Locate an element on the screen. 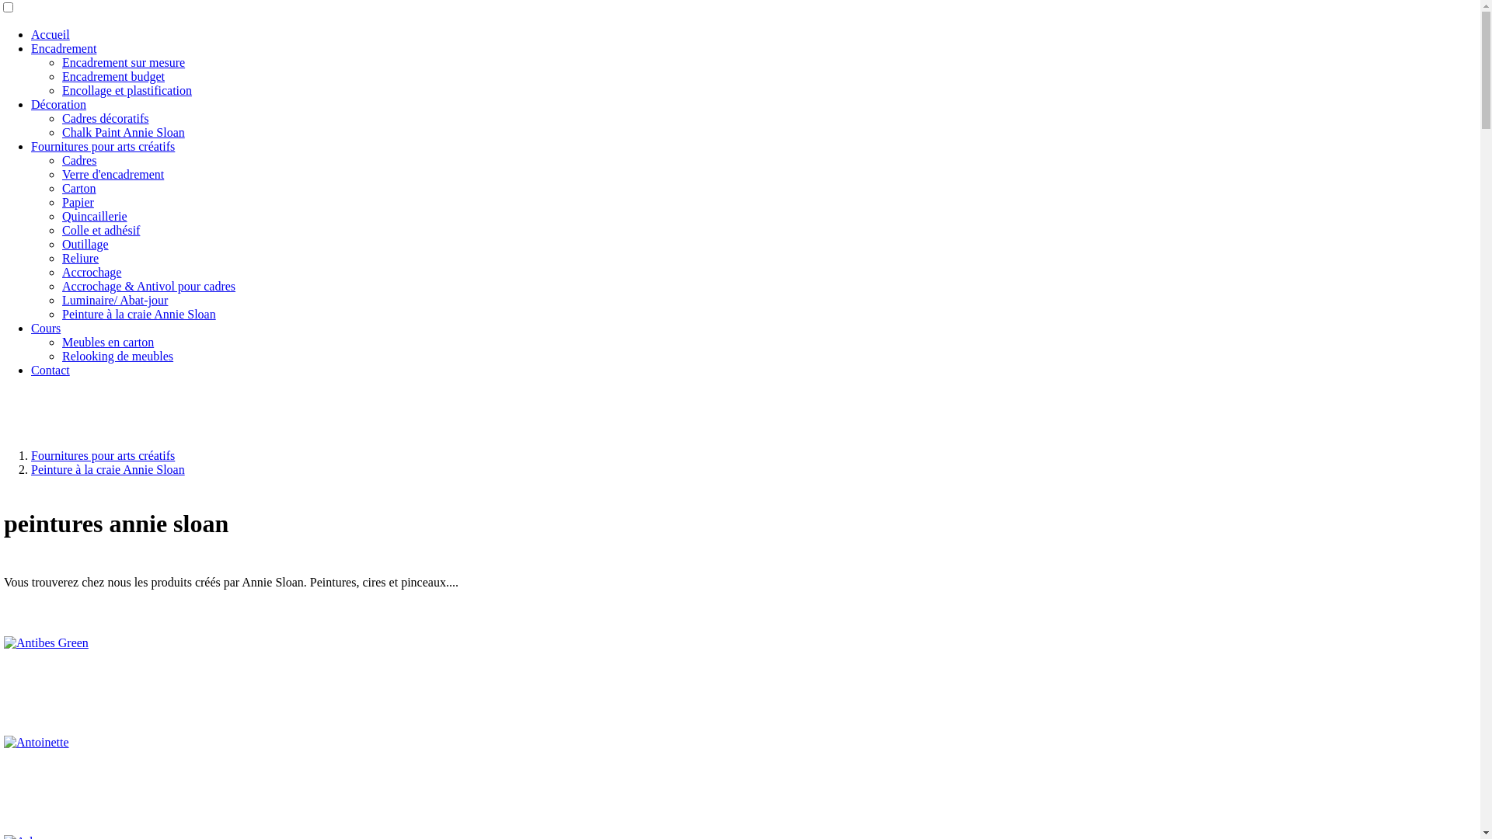 The image size is (1492, 839). 'Accrochage & Antivol pour cadres' is located at coordinates (62, 286).